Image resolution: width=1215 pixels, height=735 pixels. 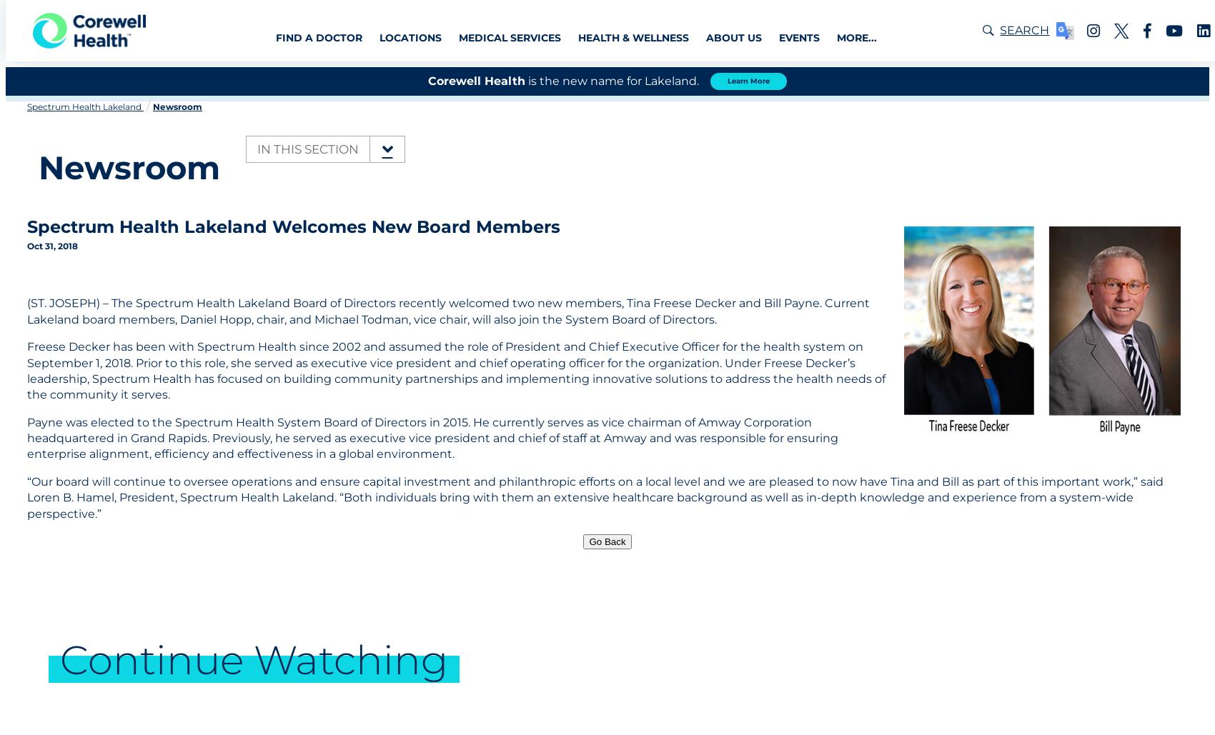 What do you see at coordinates (732, 37) in the screenshot?
I see `'About Us'` at bounding box center [732, 37].